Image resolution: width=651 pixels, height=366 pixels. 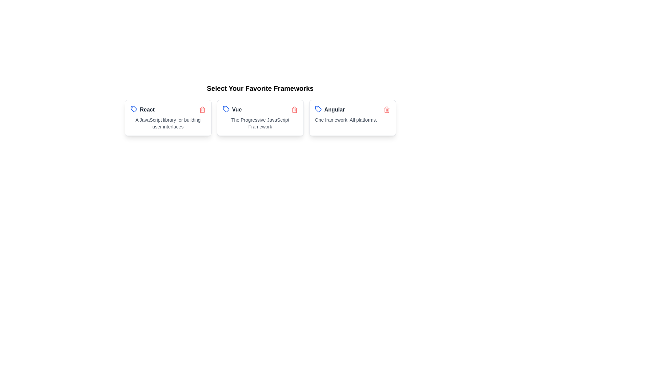 What do you see at coordinates (260, 123) in the screenshot?
I see `the description of the framework Vue` at bounding box center [260, 123].